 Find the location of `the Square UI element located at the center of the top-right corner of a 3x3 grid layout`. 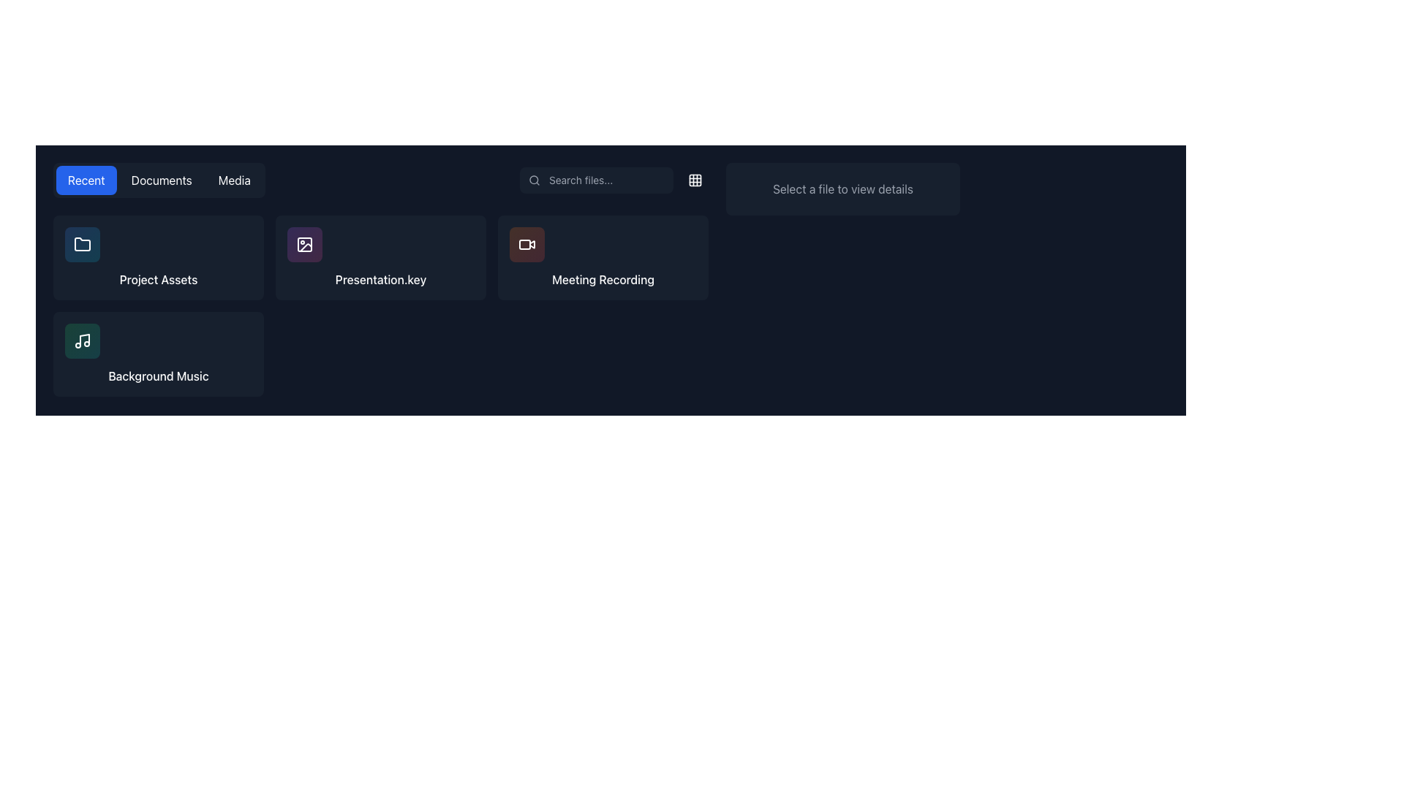

the Square UI element located at the center of the top-right corner of a 3x3 grid layout is located at coordinates (694, 179).